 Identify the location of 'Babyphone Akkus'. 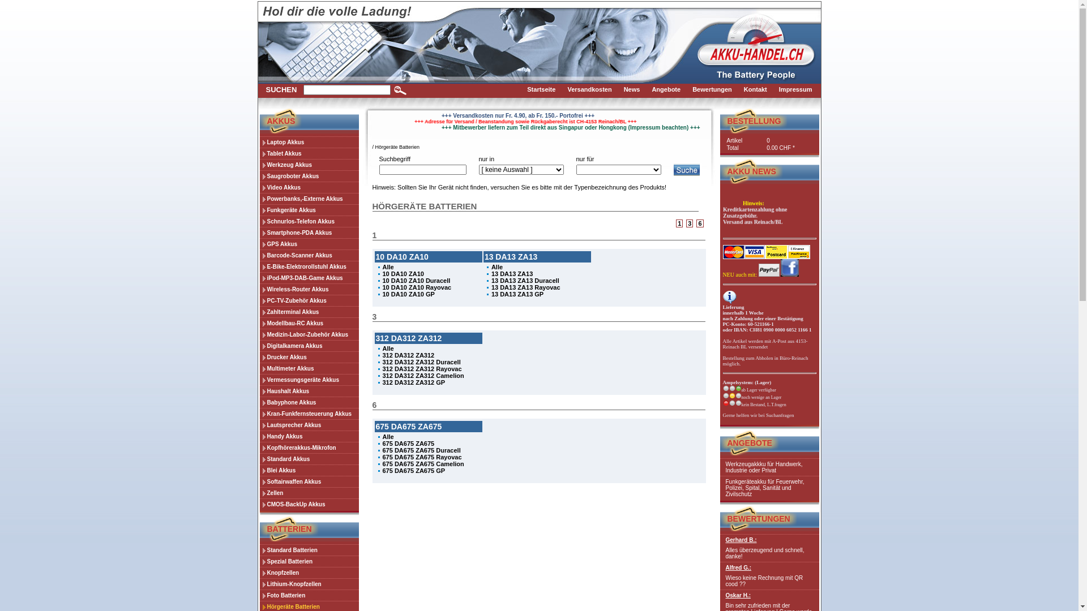
(309, 401).